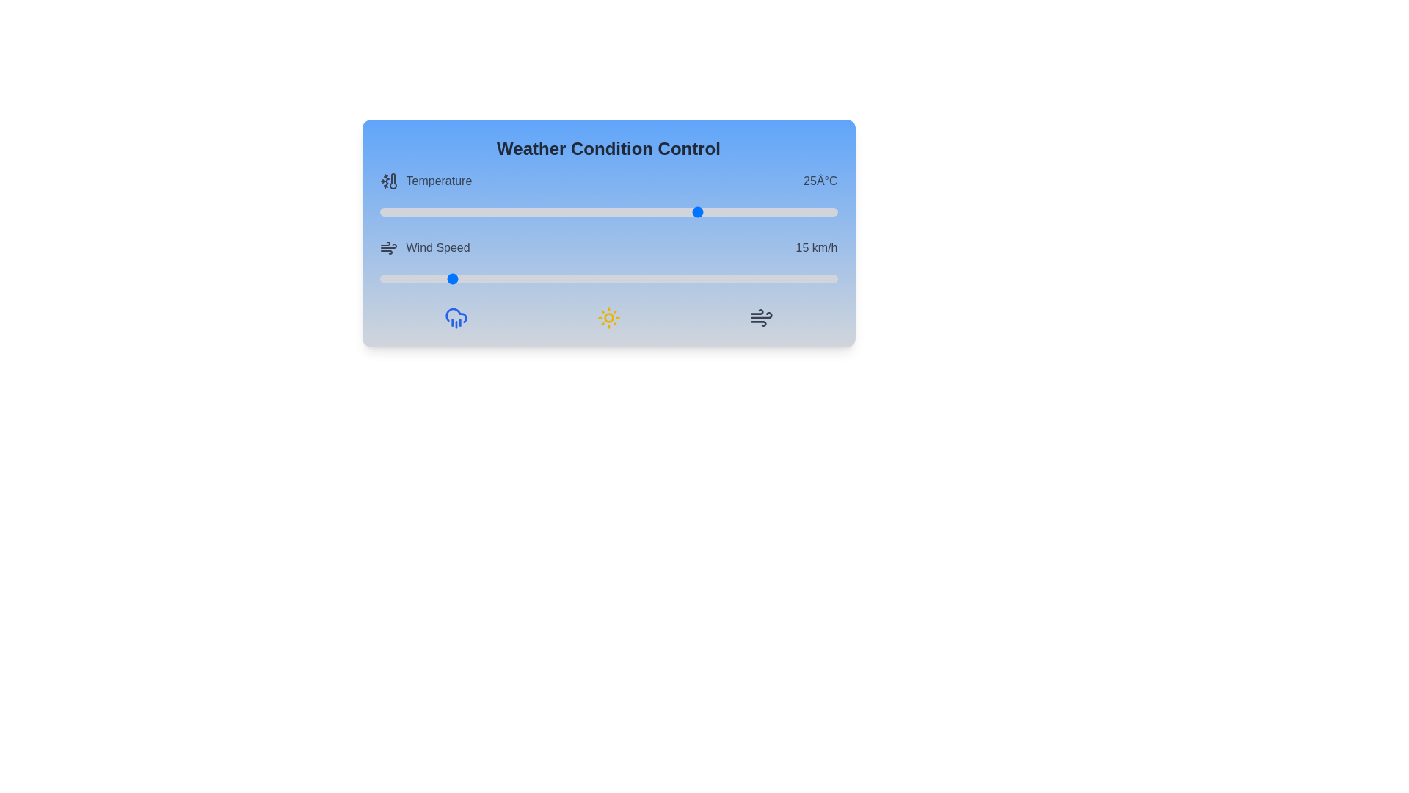 The width and height of the screenshot is (1409, 793). What do you see at coordinates (608, 316) in the screenshot?
I see `the sun icon in the Weather Condition Control component` at bounding box center [608, 316].